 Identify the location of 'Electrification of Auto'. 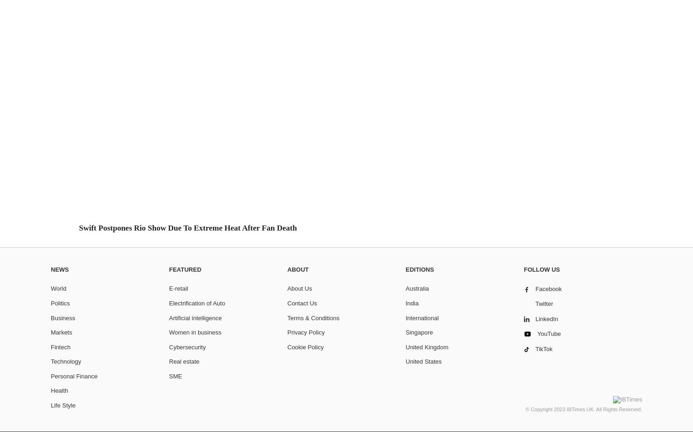
(169, 303).